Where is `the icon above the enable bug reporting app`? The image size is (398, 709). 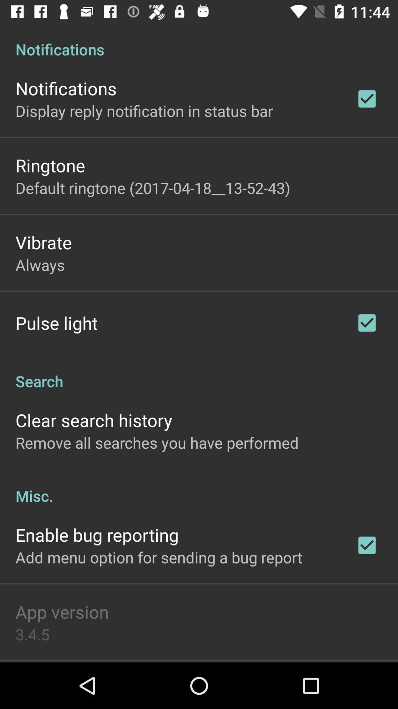 the icon above the enable bug reporting app is located at coordinates (199, 488).